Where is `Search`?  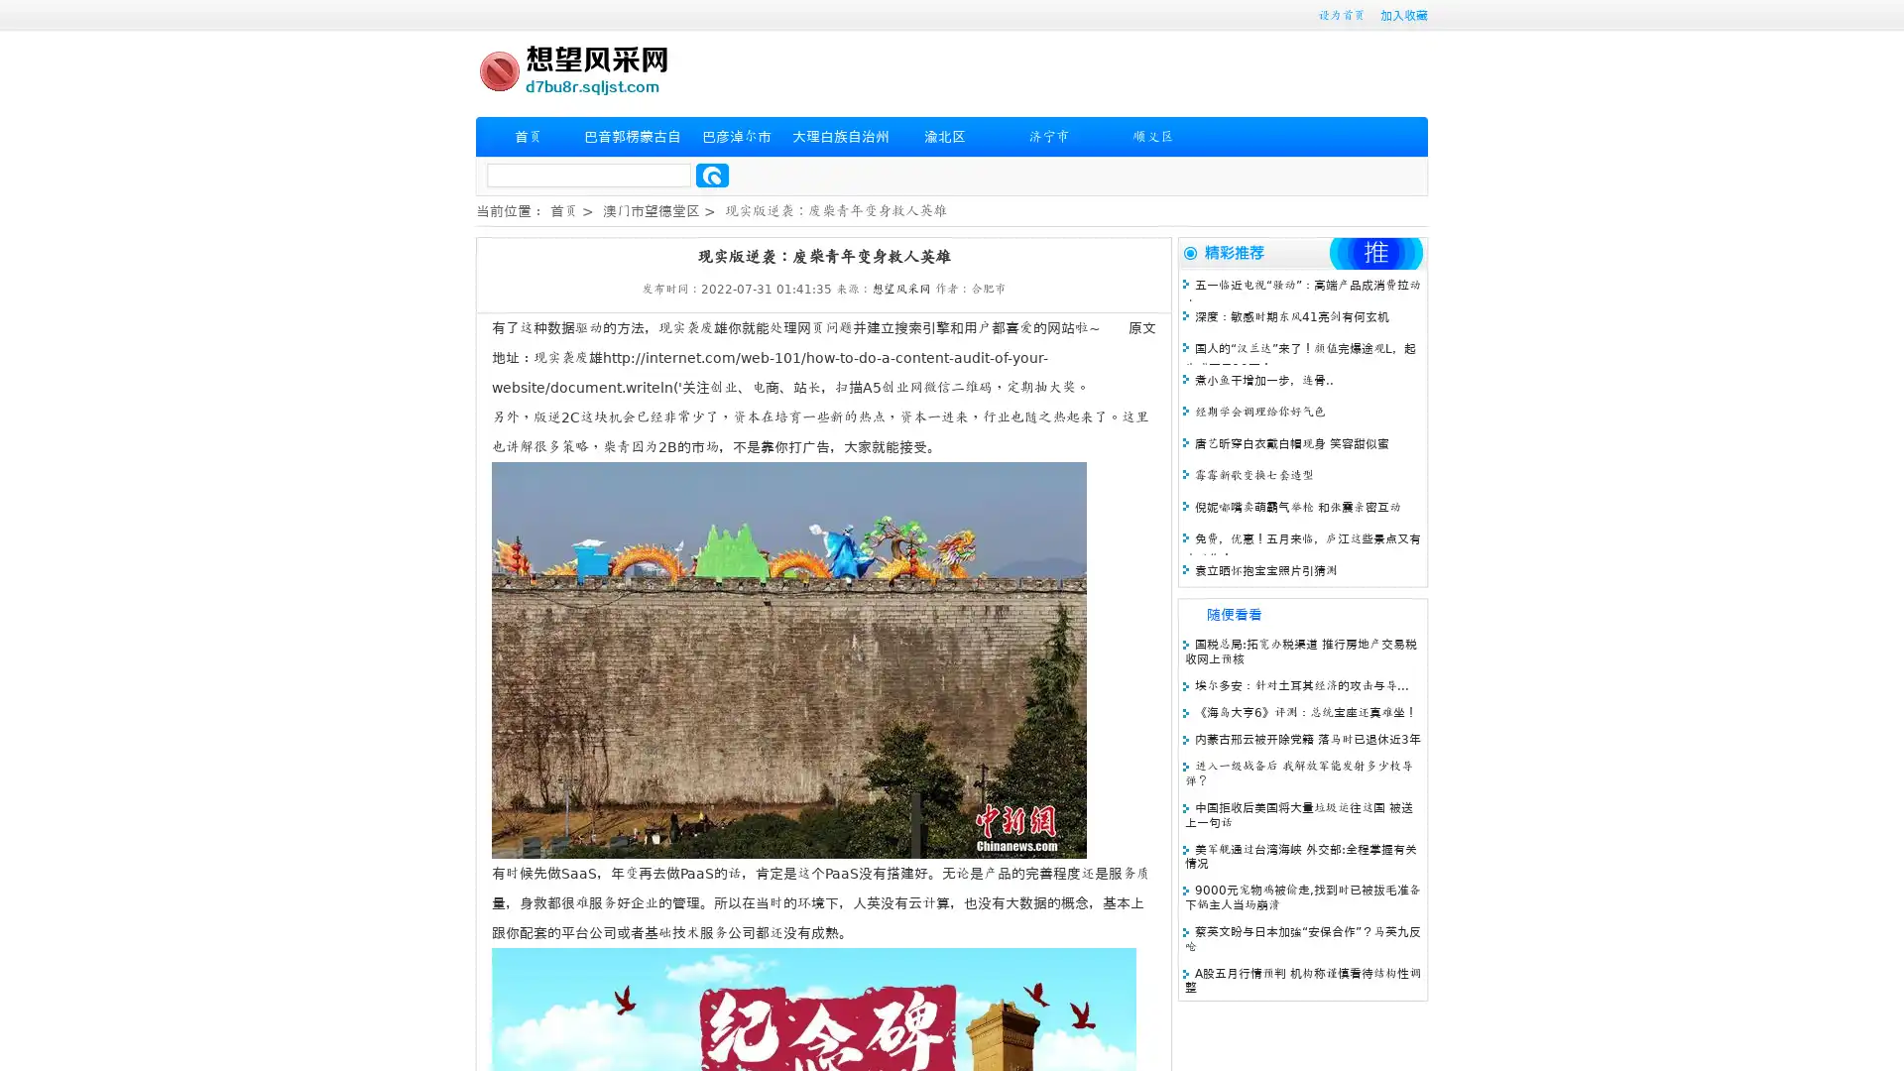 Search is located at coordinates (712, 175).